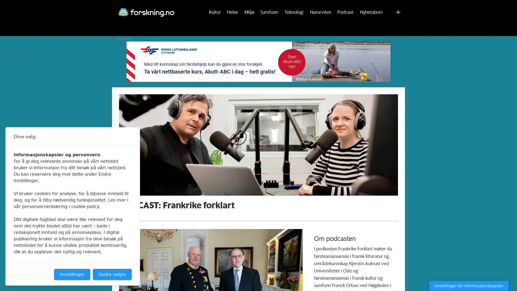 The width and height of the screenshot is (517, 291). What do you see at coordinates (370, 6) in the screenshot?
I see `logo for forskersonen.no` at bounding box center [370, 6].